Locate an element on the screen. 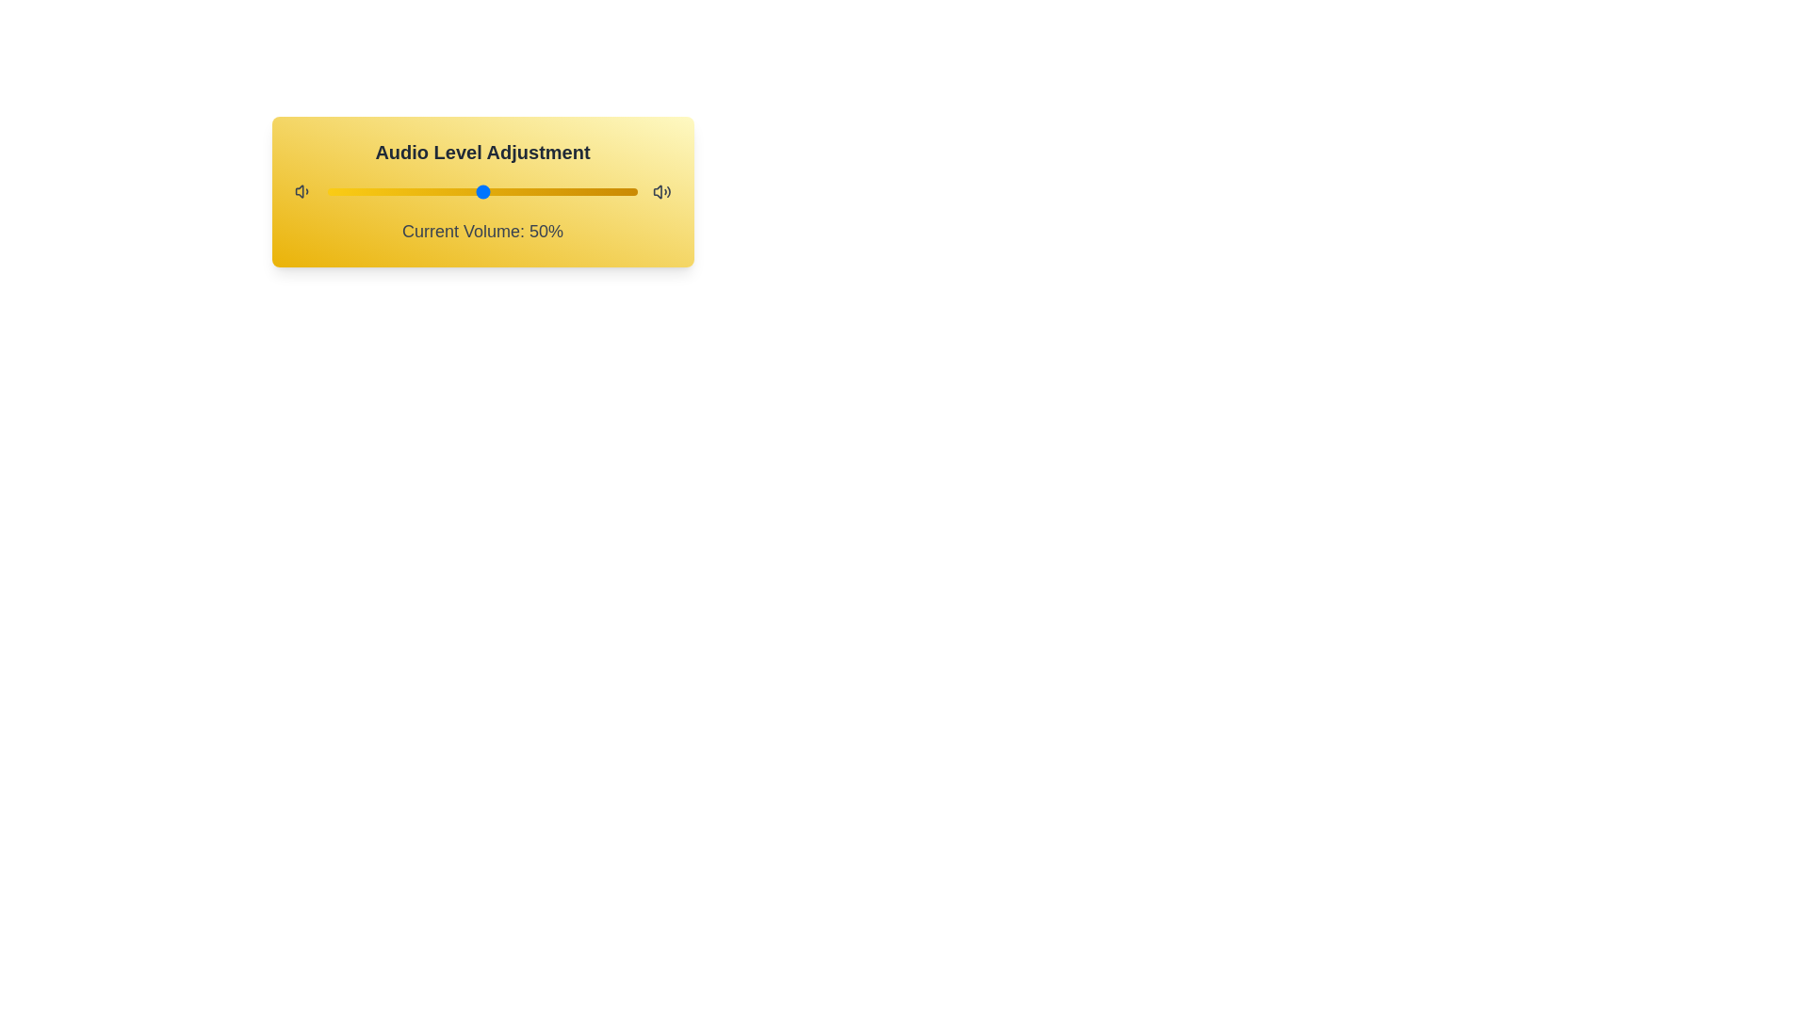  the volume level is located at coordinates (352, 192).